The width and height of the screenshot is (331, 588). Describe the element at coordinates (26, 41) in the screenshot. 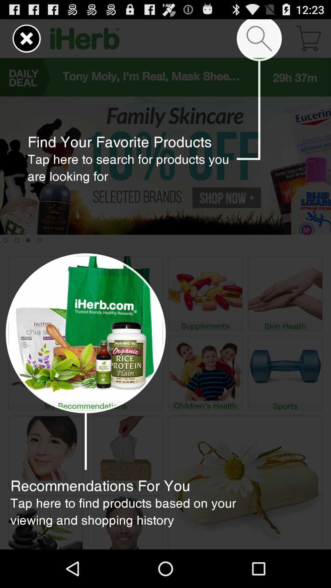

I see `the close icon` at that location.